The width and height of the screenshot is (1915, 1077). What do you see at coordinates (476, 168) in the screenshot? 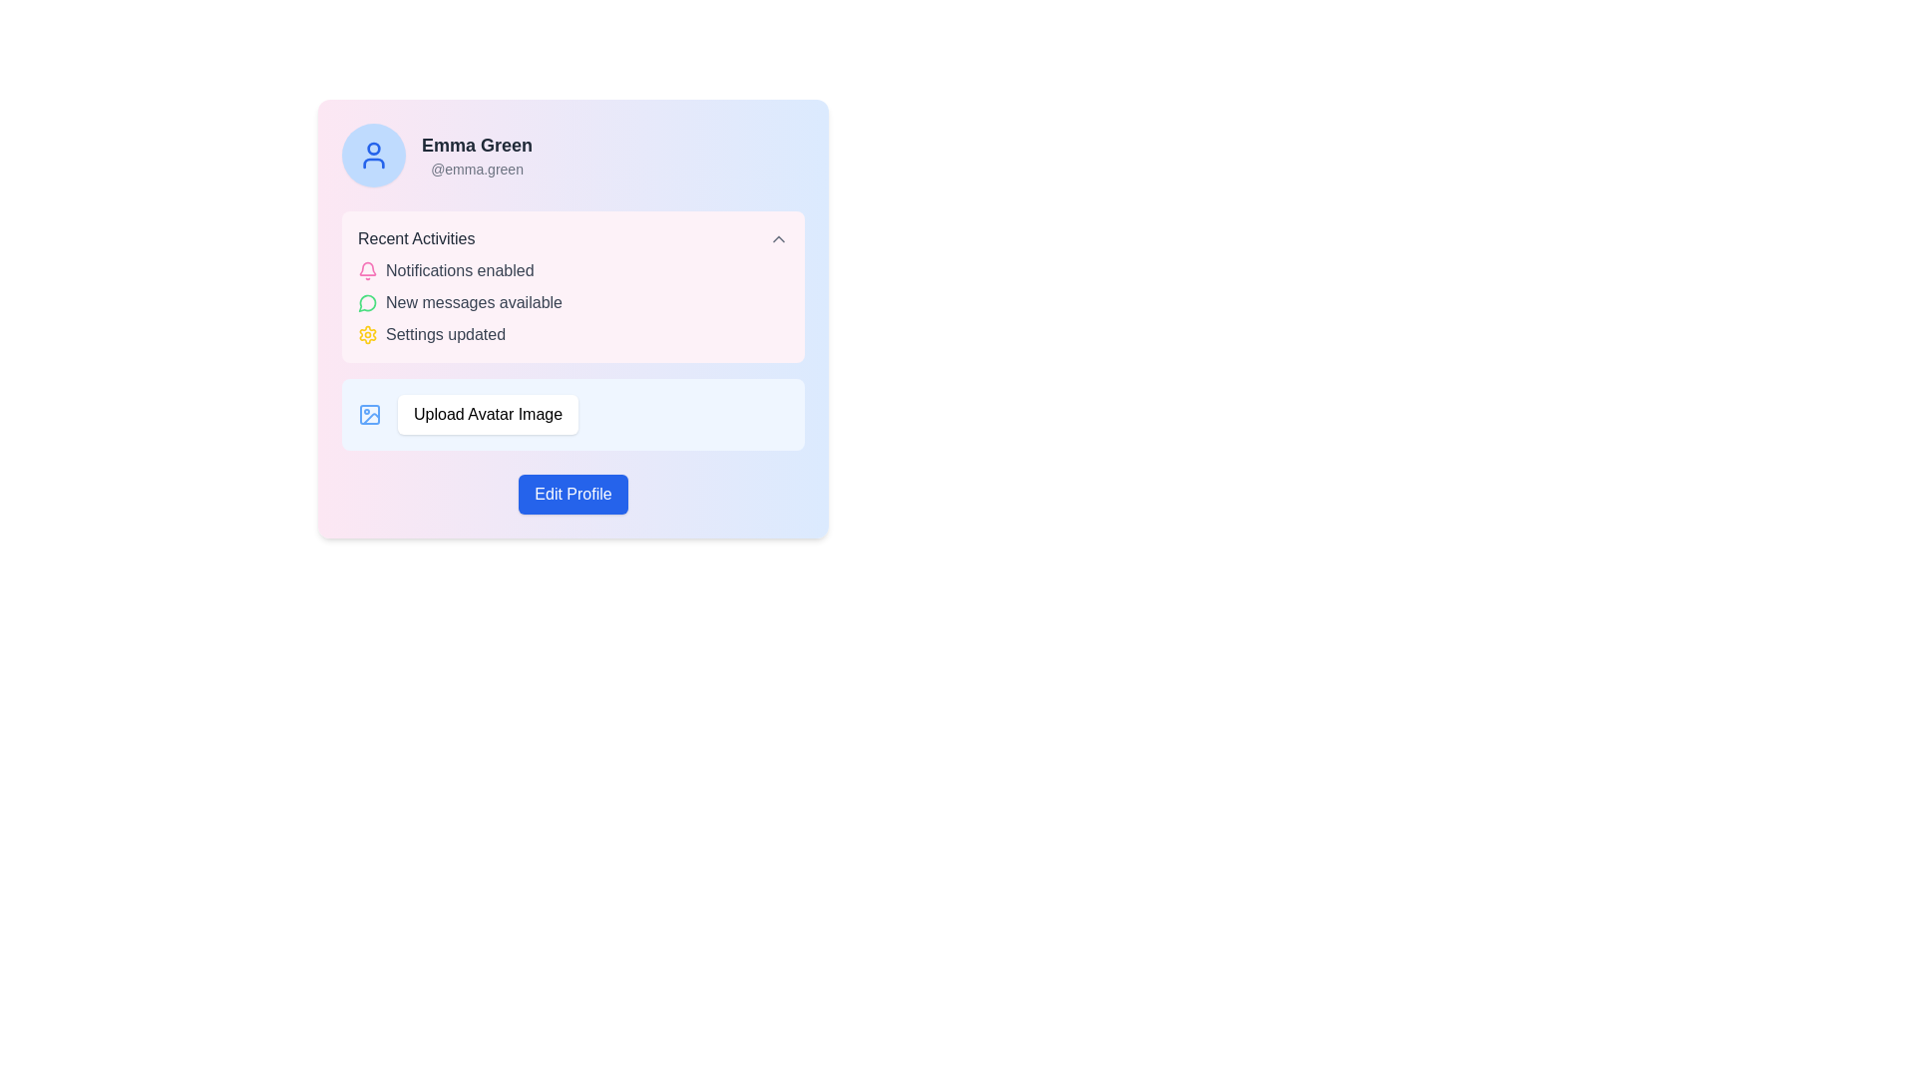
I see `username '@emma.green' displayed in light gray font below 'Emma Green' on the profile card layout` at bounding box center [476, 168].